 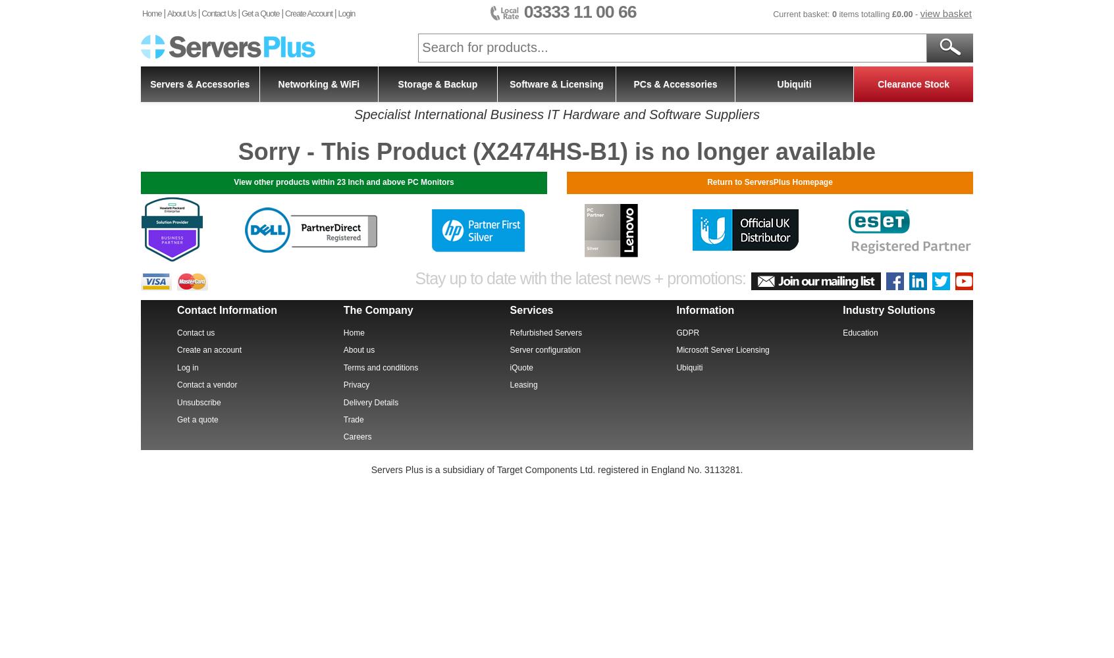 I want to click on 'Log in', so click(x=186, y=367).